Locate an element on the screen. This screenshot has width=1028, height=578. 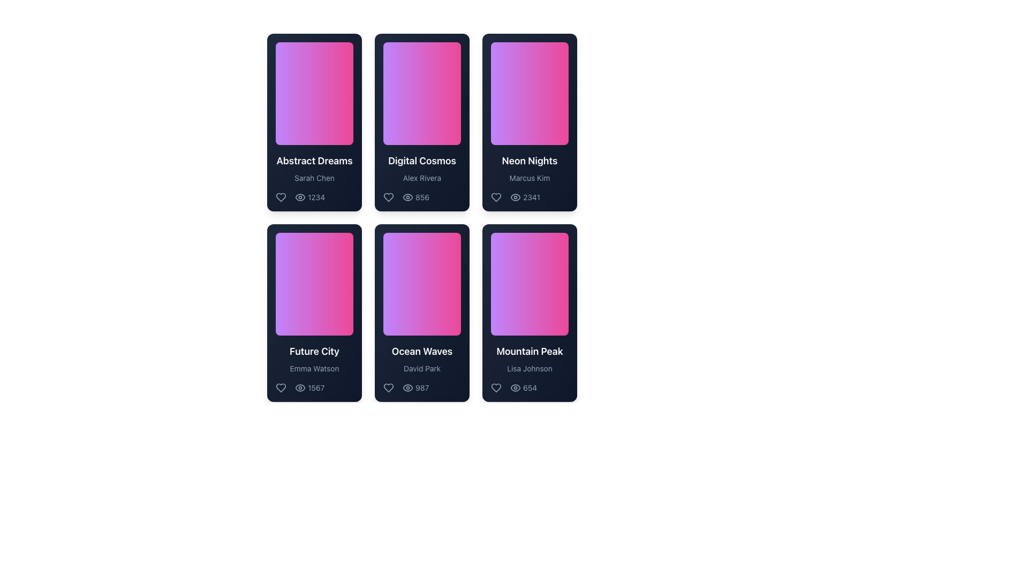
the visibility indicator icon located to the left of the text '2341' within the 'Neon Nights' card is located at coordinates (516, 197).